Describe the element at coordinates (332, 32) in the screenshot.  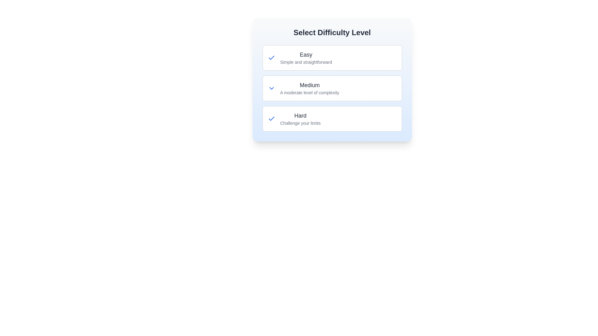
I see `the static text label displaying 'Select Difficulty Level', which is a bold, large-sized dark gray header positioned at the top center of the selection interface` at that location.